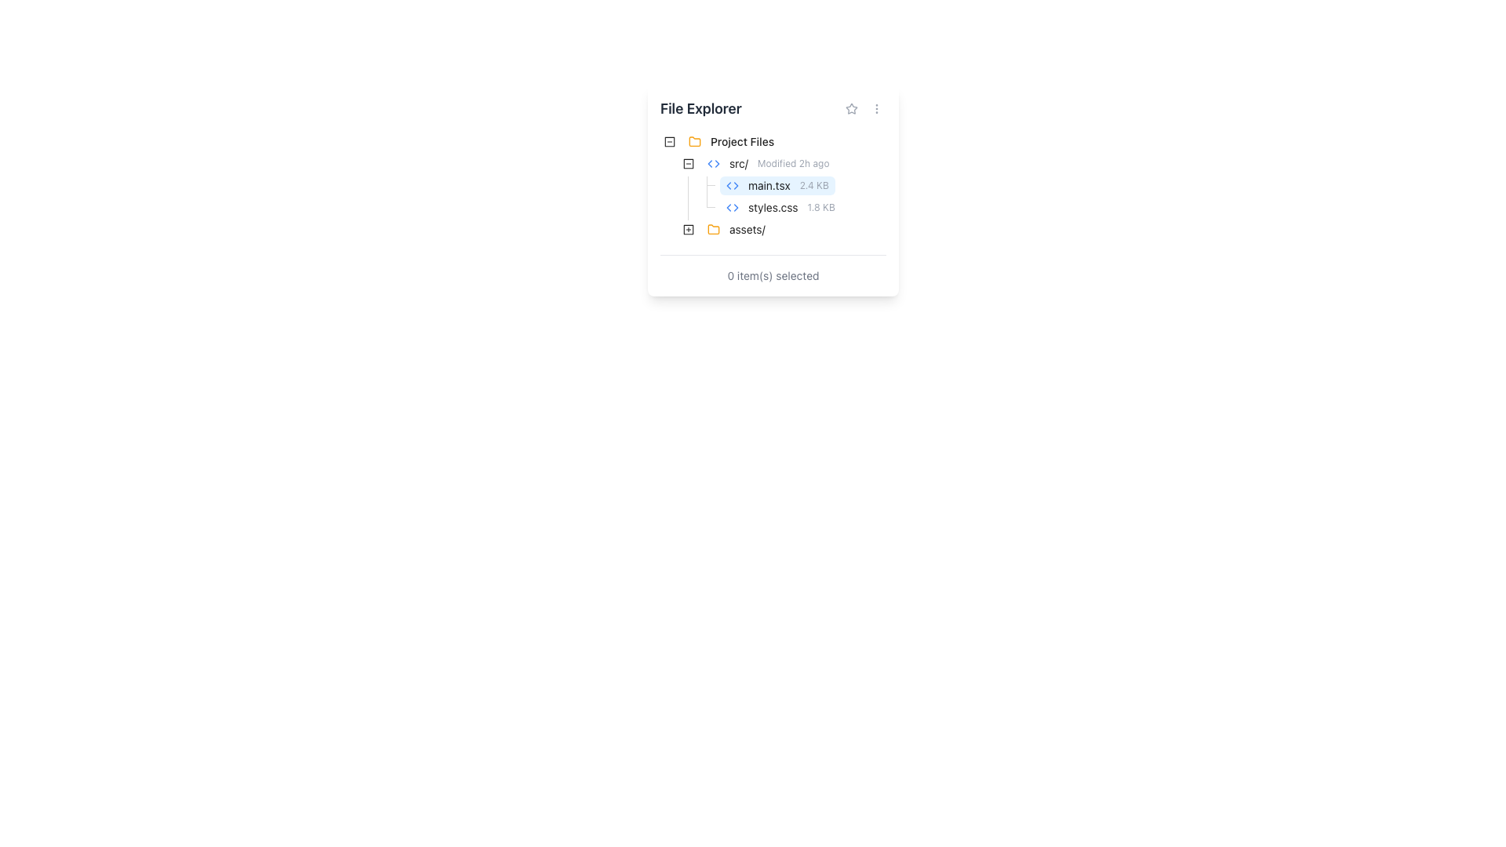  I want to click on on the 'styles.css' file entry in the file explorer, which is the second item under the 'src/' folder, visually represented by a blue icon and displaying the filename and size, so click(780, 207).